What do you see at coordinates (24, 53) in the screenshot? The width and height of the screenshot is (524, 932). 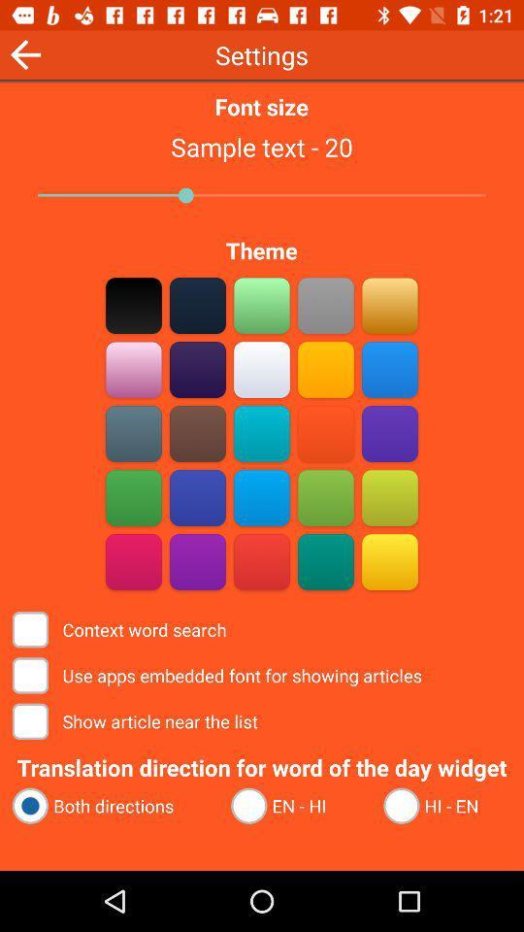 I see `the icon to the left of font size icon` at bounding box center [24, 53].